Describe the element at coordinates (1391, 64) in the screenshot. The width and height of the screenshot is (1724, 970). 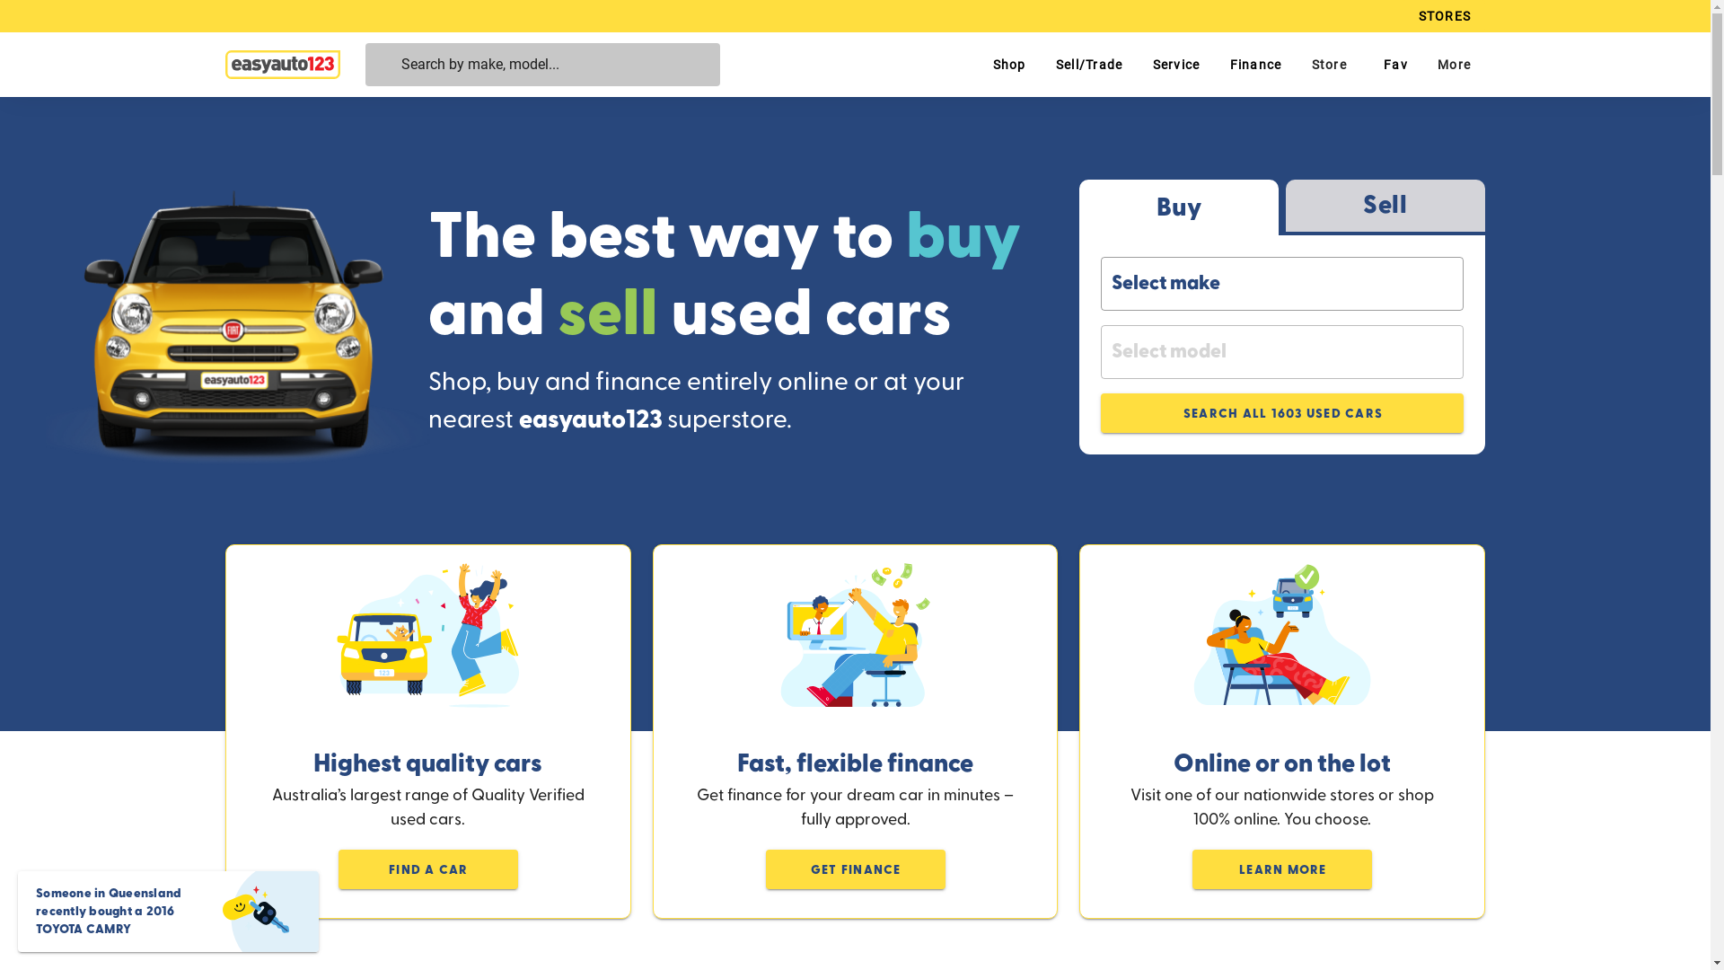
I see `'Fav'` at that location.